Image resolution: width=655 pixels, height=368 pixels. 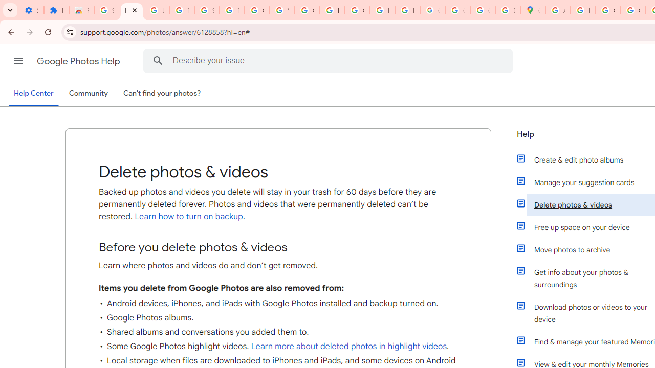 What do you see at coordinates (349, 346) in the screenshot?
I see `'Learn more about deleted photos in highlight videos'` at bounding box center [349, 346].